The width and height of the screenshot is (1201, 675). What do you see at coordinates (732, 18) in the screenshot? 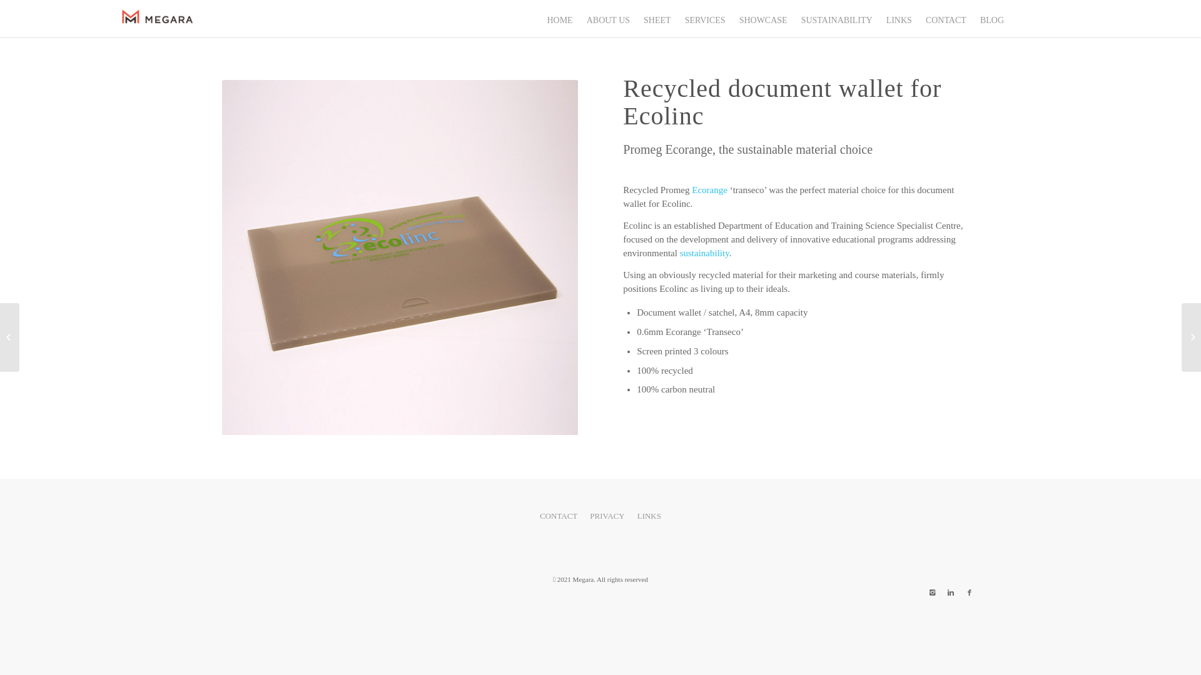
I see `'SHOWCASE'` at bounding box center [732, 18].